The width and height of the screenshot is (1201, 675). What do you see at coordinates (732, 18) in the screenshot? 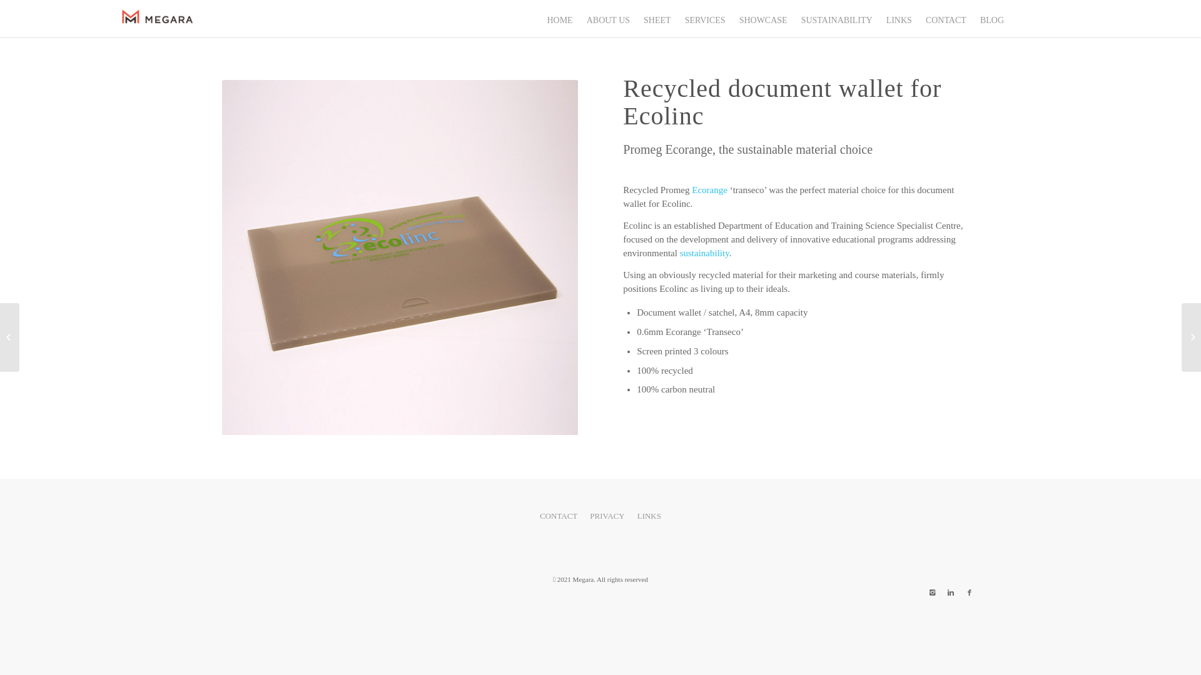
I see `'SHOWCASE'` at bounding box center [732, 18].